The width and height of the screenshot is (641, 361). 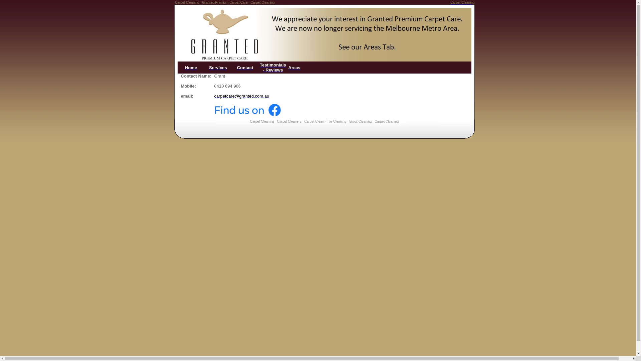 What do you see at coordinates (273, 67) in the screenshot?
I see `'Testimonials - Reviews'` at bounding box center [273, 67].